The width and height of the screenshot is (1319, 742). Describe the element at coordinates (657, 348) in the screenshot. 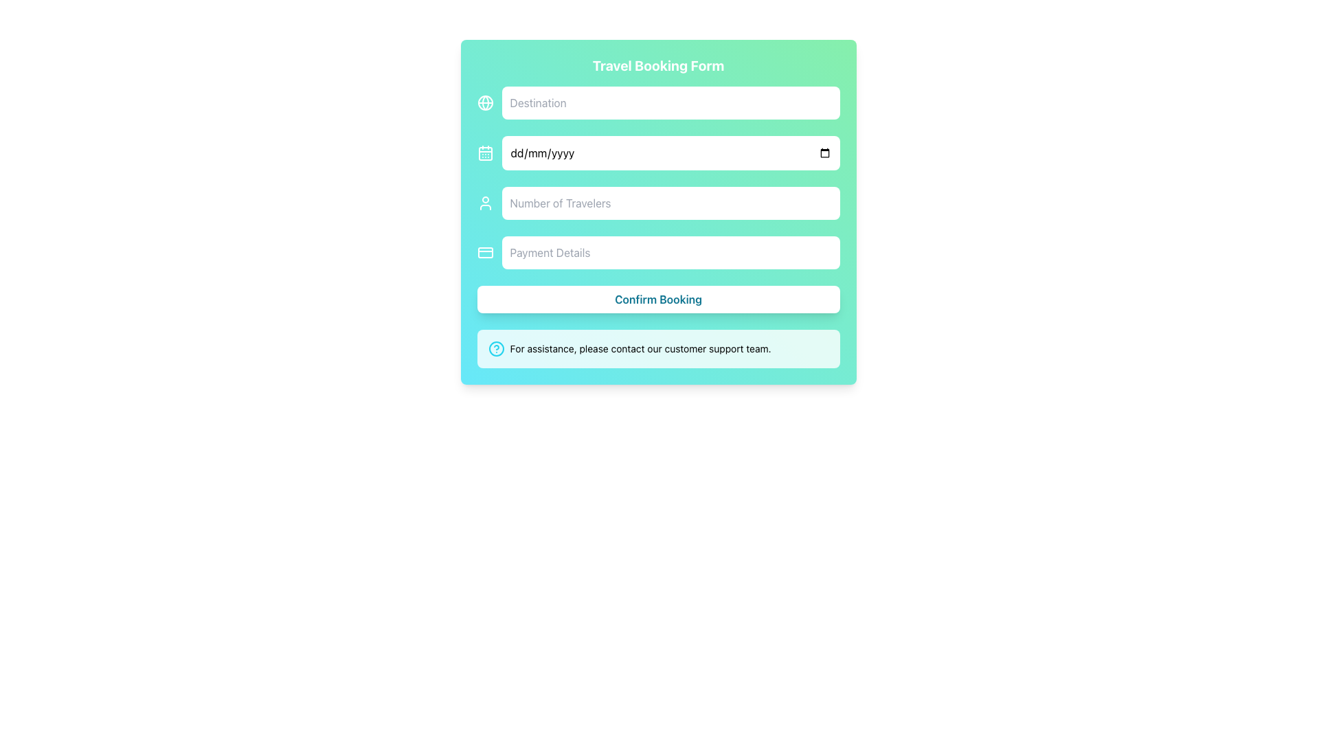

I see `the question mark icon of the Informational Message Box` at that location.